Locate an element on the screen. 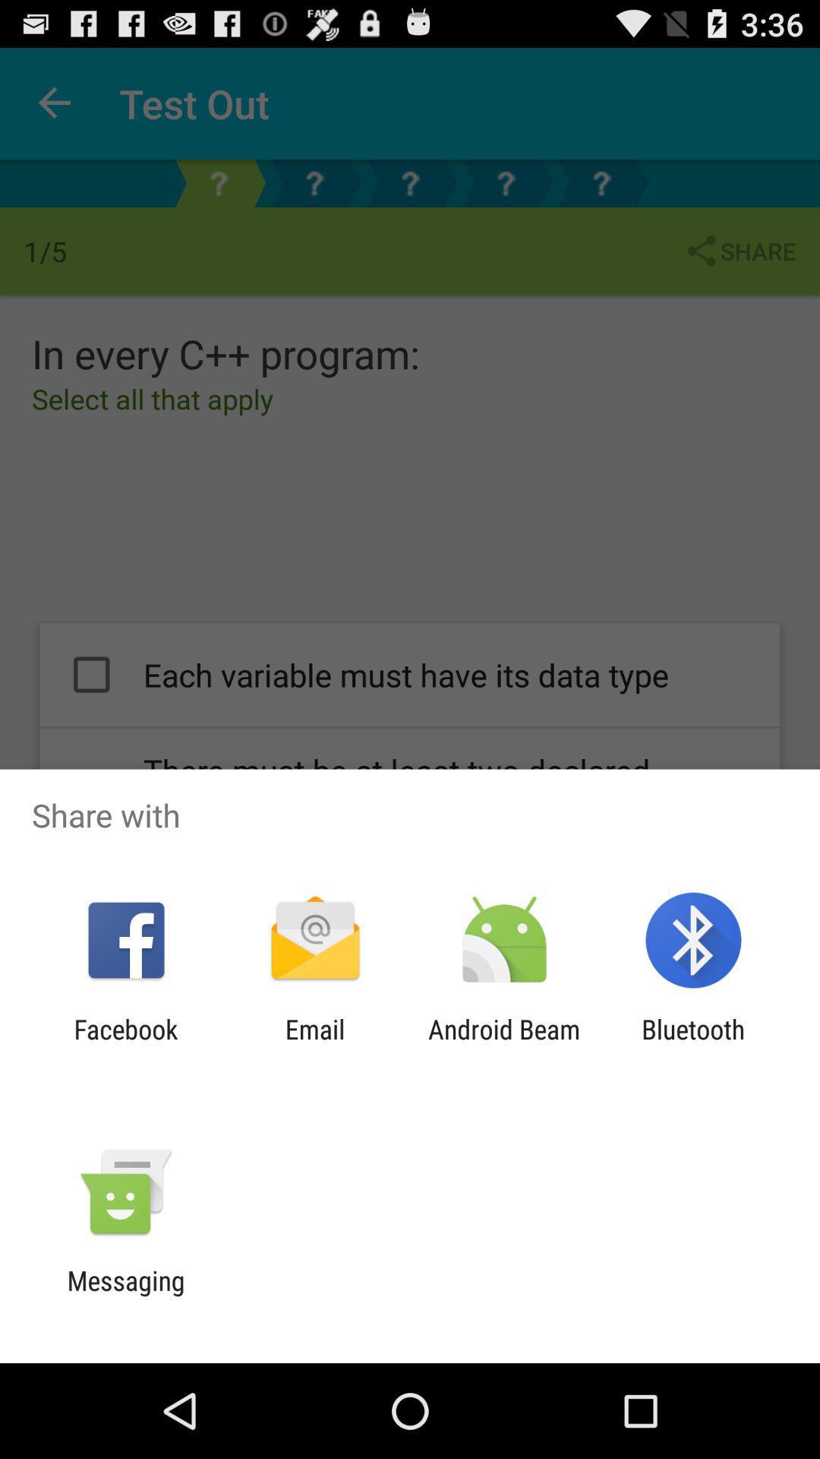  icon next to the facebook item is located at coordinates (314, 1044).